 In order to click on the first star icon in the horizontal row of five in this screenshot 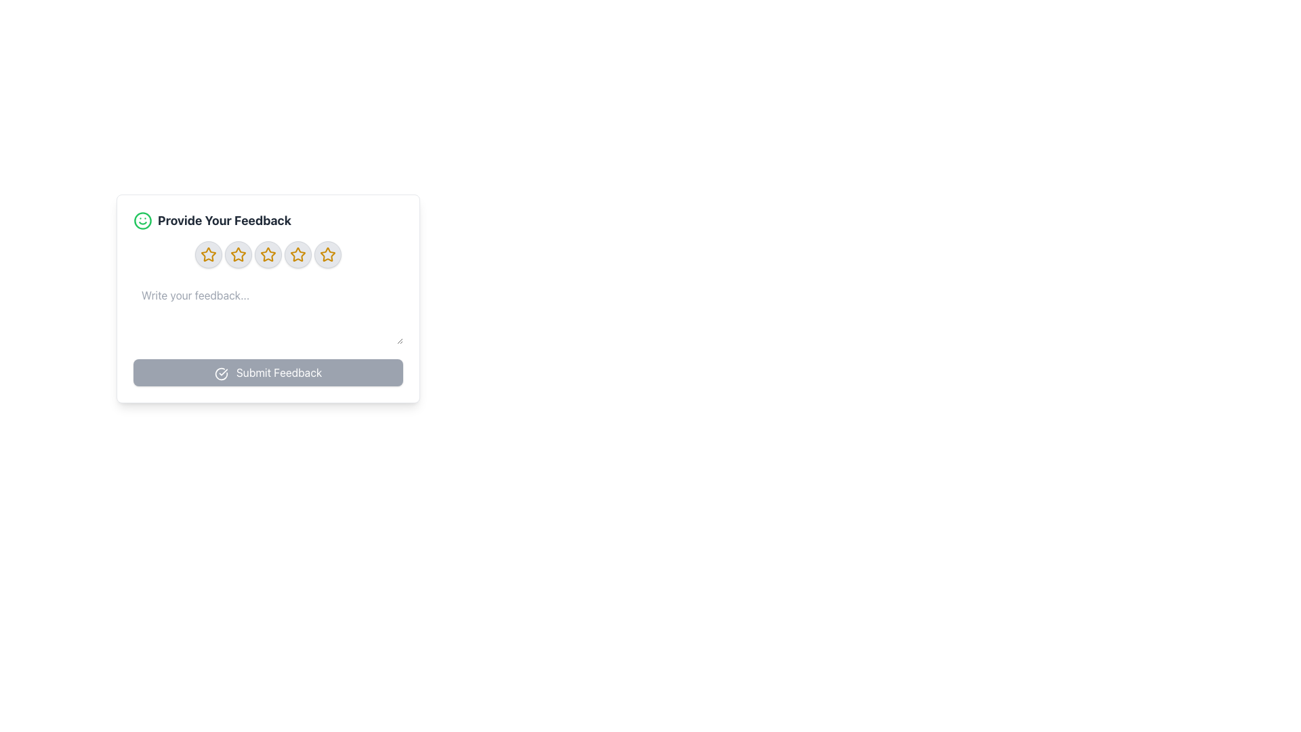, I will do `click(207, 254)`.